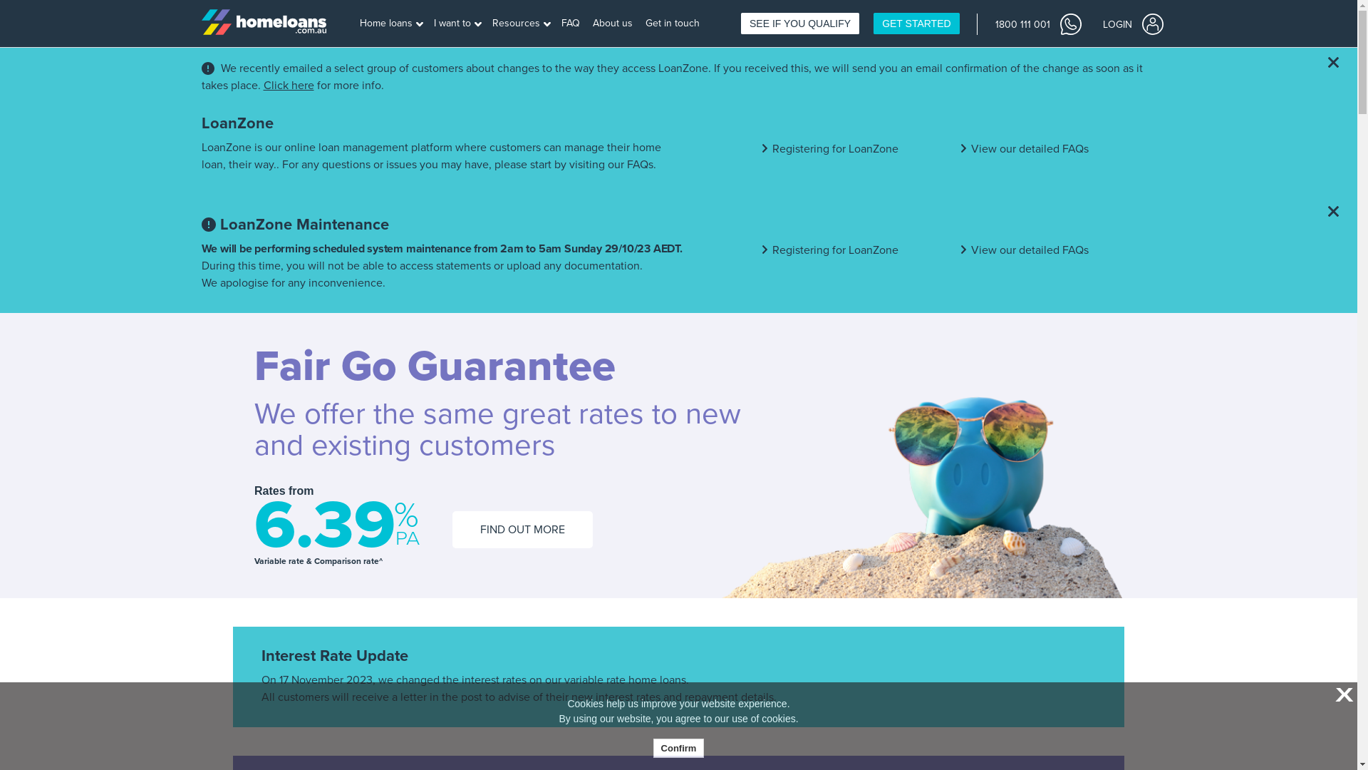 The height and width of the screenshot is (770, 1368). I want to click on 'LOGIN, so click(1132, 24).